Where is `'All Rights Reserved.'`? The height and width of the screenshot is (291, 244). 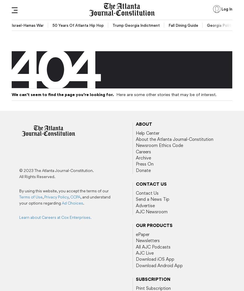 'All Rights Reserved.' is located at coordinates (37, 176).